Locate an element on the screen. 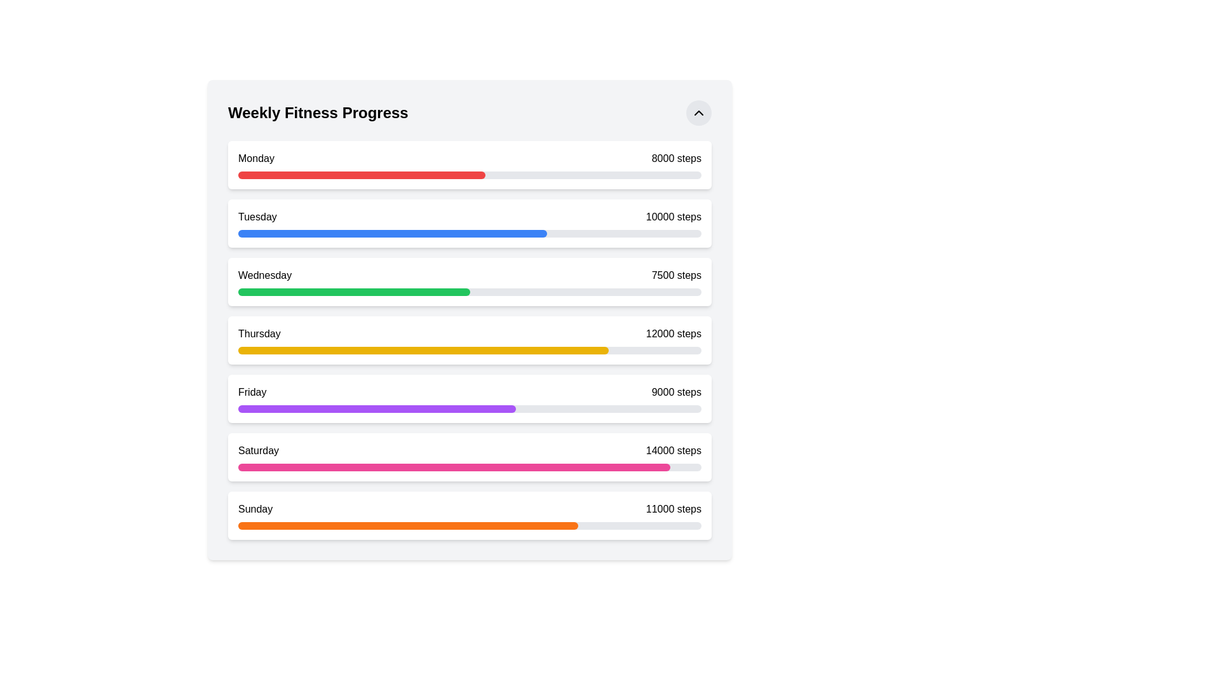 Image resolution: width=1220 pixels, height=686 pixels. the fourth visual data display card in the 'Weekly Fitness Progress' section, which tracks daily steps and is positioned between the 'Wednesday' and 'Friday' cards is located at coordinates (469, 340).